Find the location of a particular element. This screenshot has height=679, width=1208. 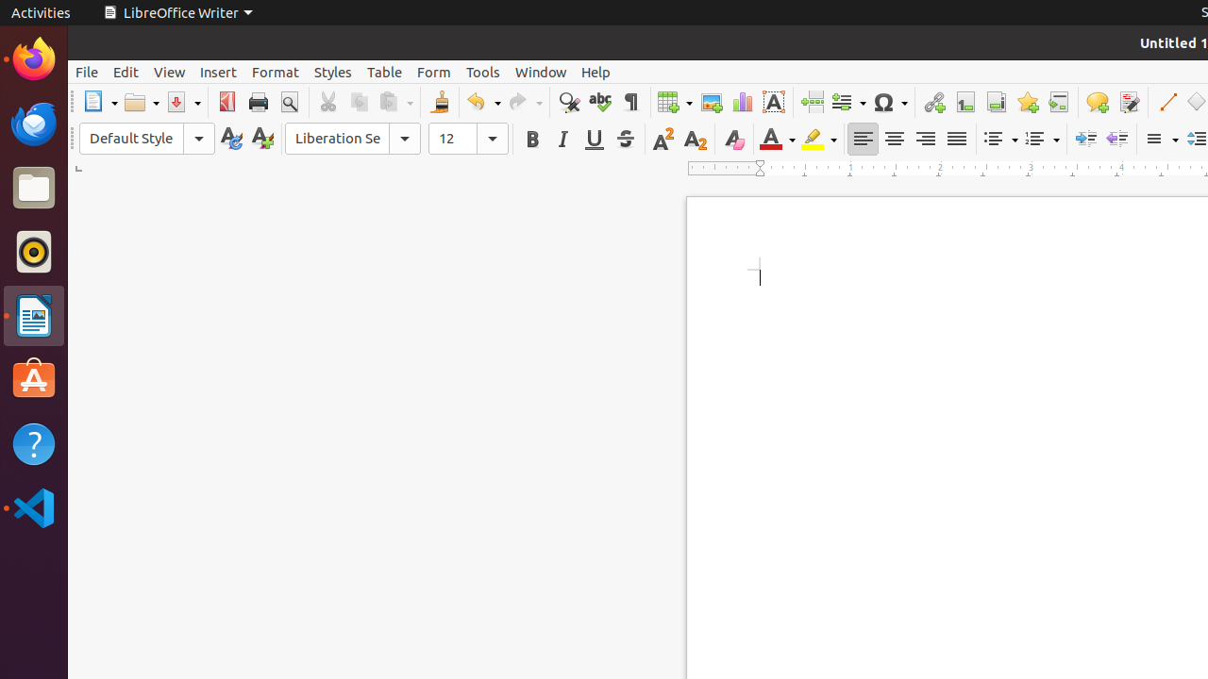

'Spelling' is located at coordinates (598, 102).